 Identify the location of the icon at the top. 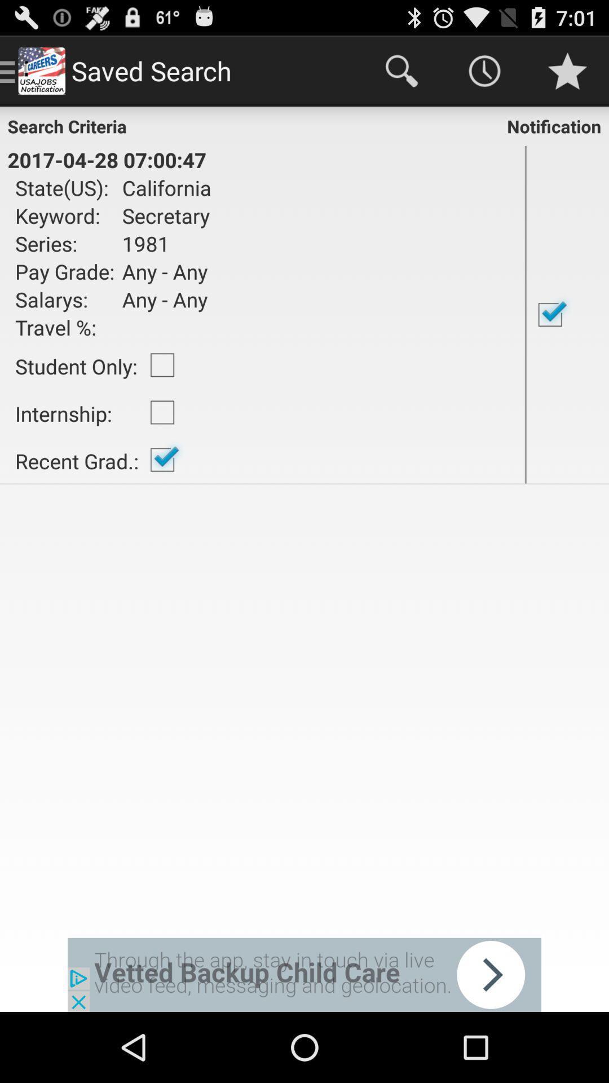
(401, 70).